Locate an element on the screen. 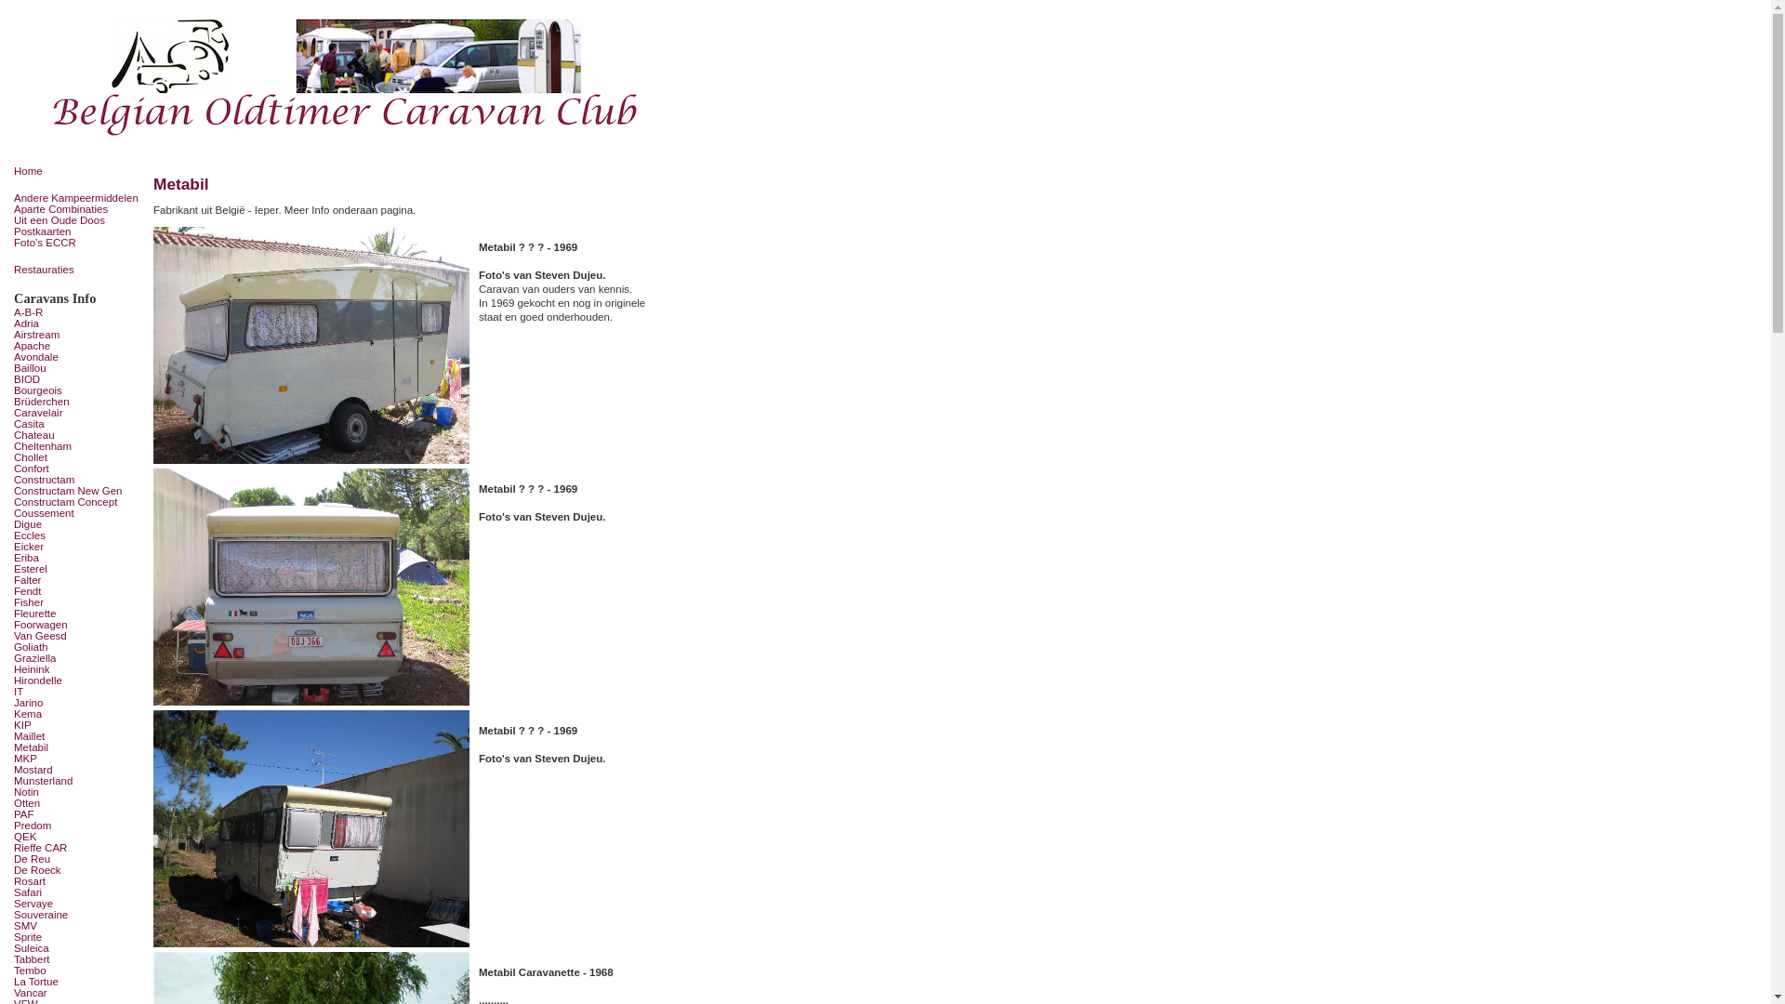  'Casita' is located at coordinates (78, 423).